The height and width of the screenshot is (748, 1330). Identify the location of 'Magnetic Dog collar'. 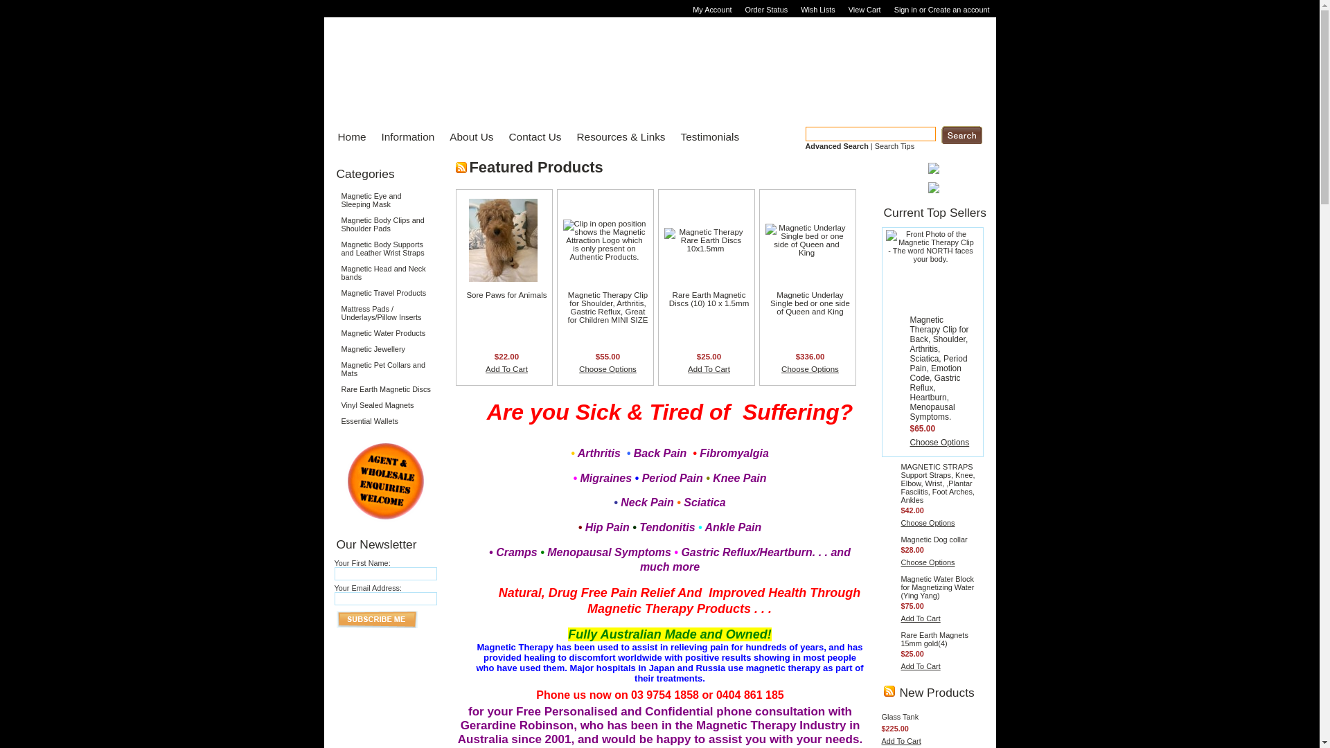
(934, 539).